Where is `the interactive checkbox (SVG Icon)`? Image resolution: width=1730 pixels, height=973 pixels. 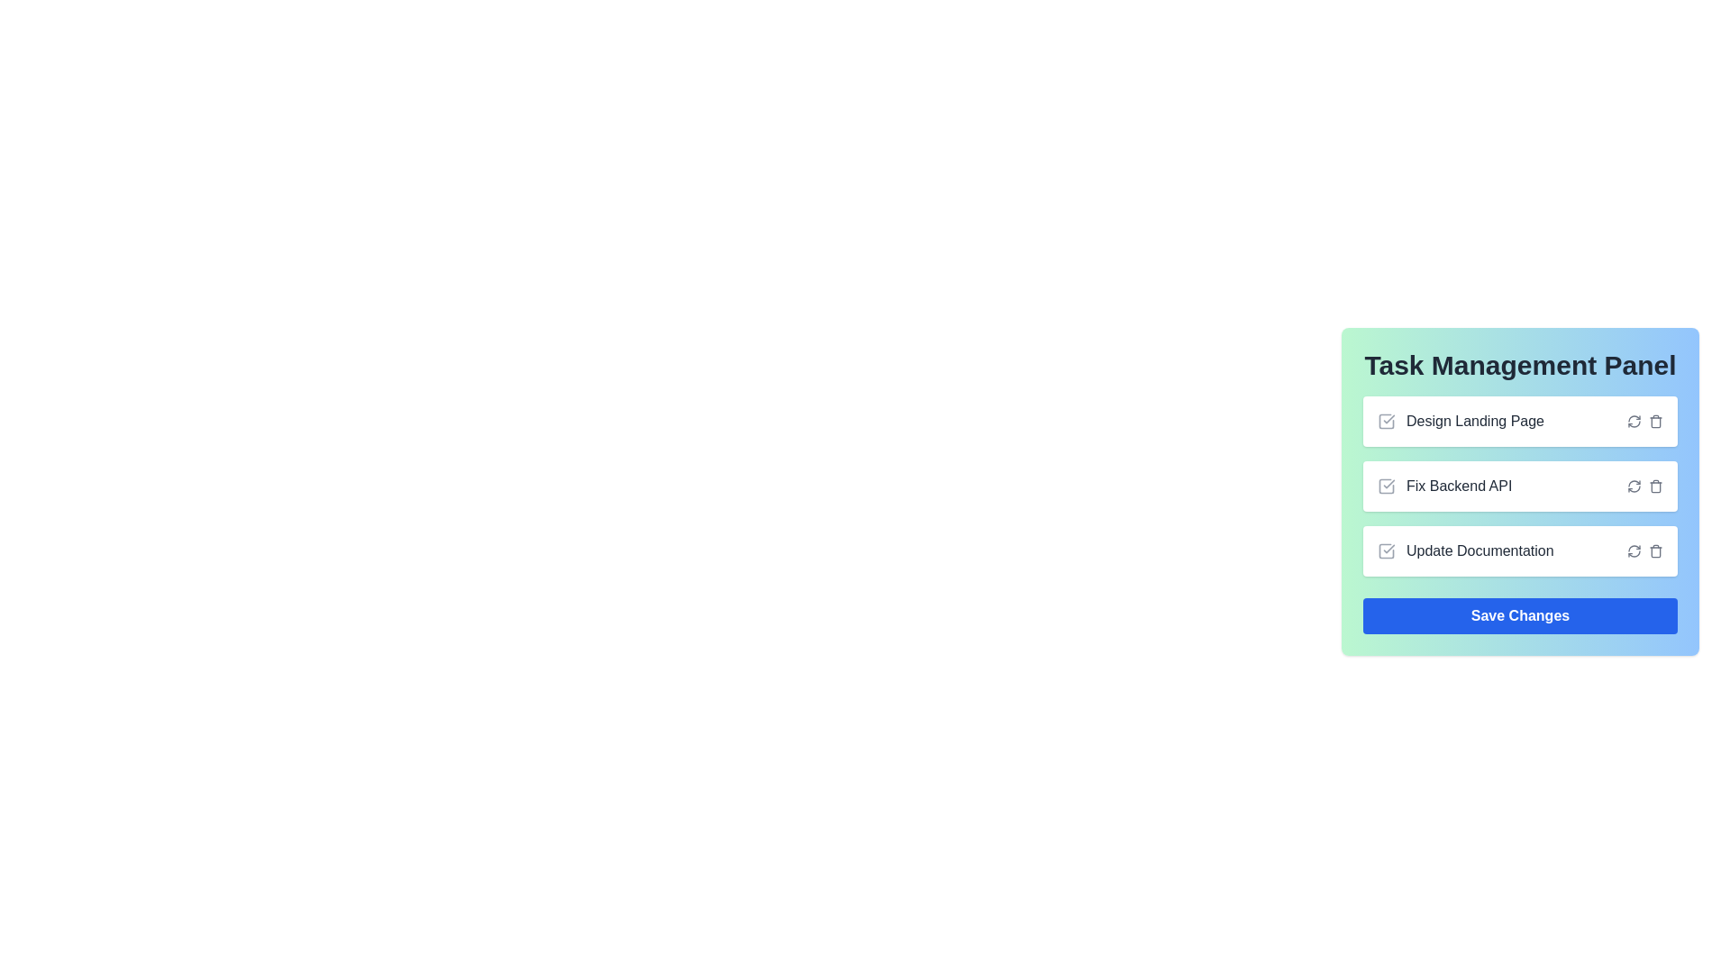
the interactive checkbox (SVG Icon) is located at coordinates (1386, 486).